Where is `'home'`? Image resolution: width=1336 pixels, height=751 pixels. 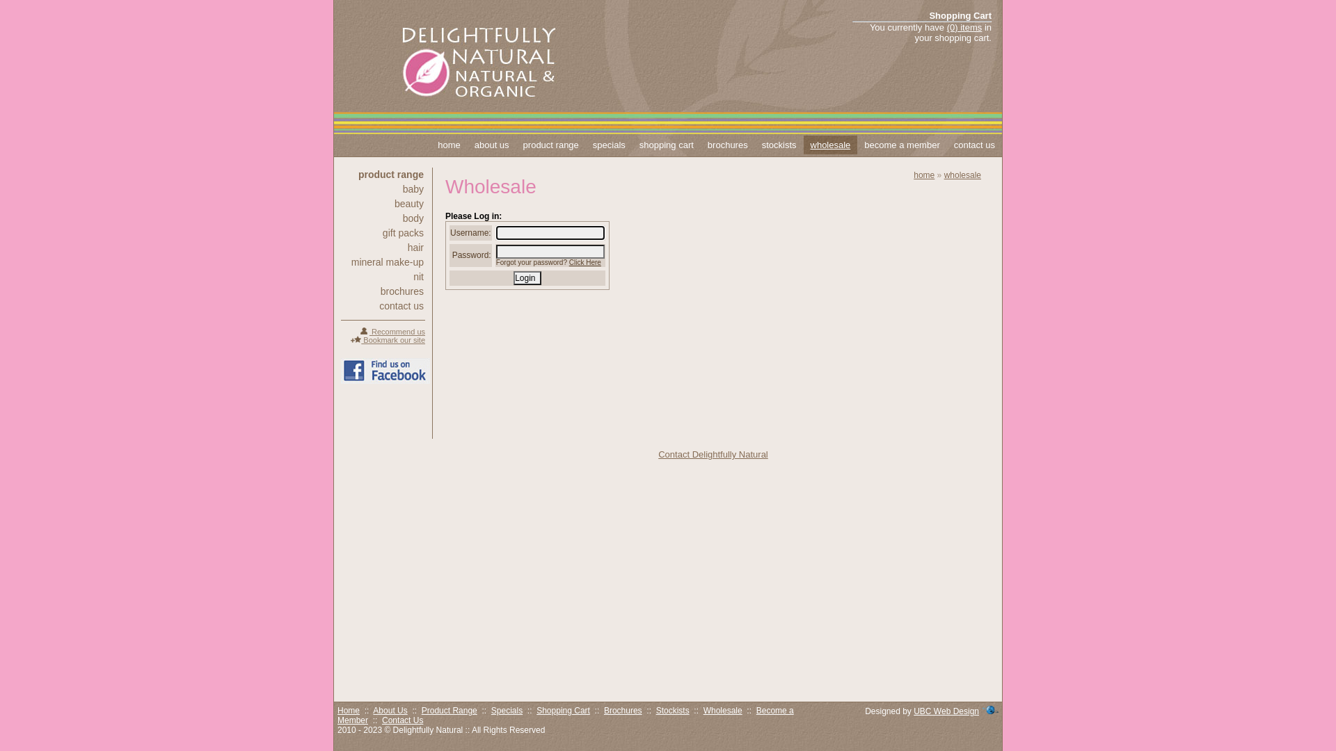
'home' is located at coordinates (924, 174).